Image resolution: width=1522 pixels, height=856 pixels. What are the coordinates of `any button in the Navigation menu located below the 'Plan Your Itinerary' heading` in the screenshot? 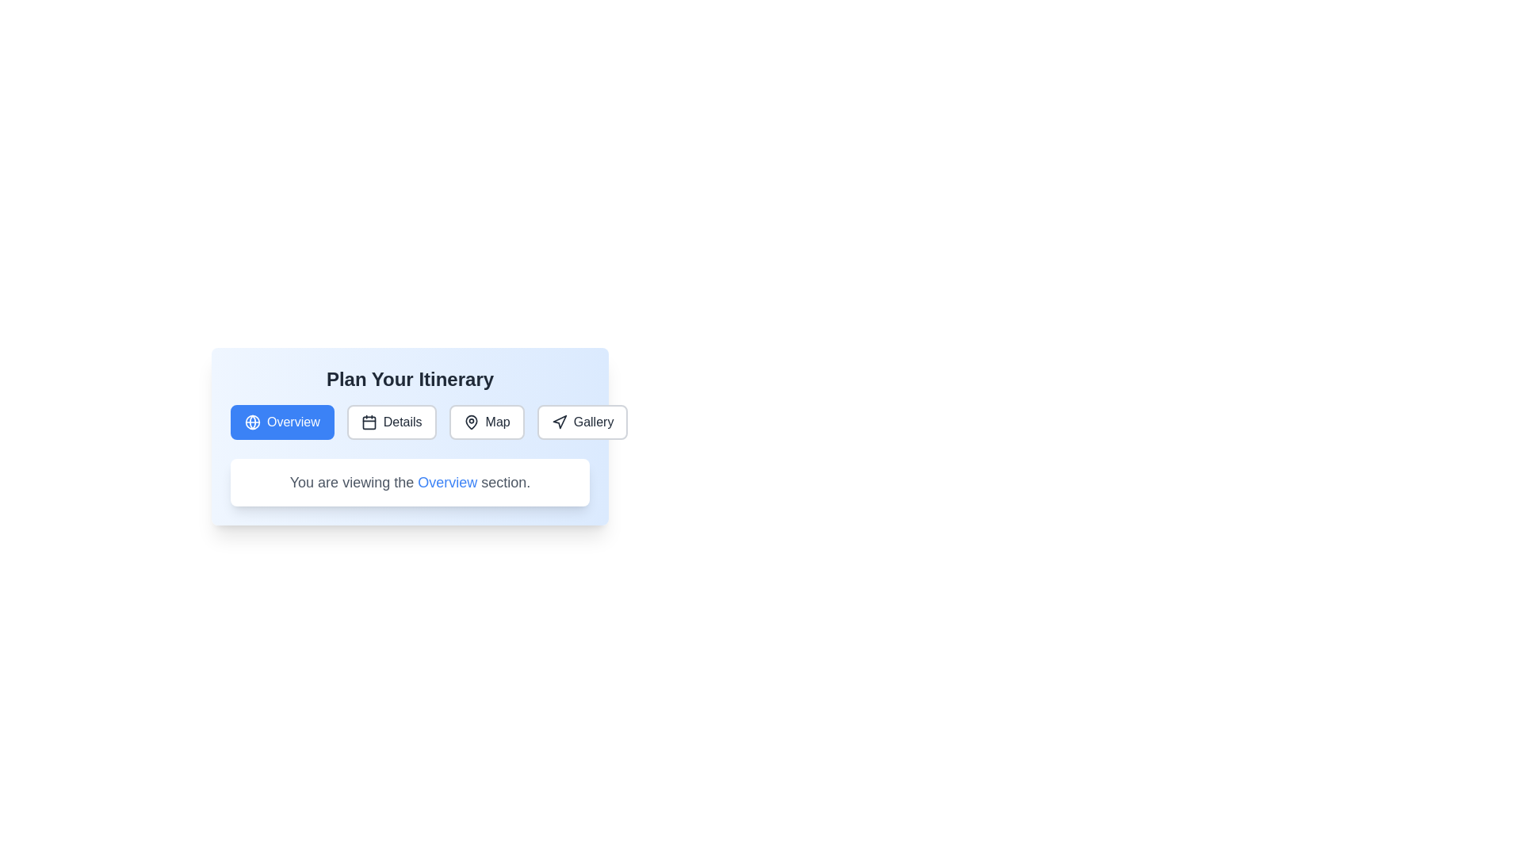 It's located at (410, 421).